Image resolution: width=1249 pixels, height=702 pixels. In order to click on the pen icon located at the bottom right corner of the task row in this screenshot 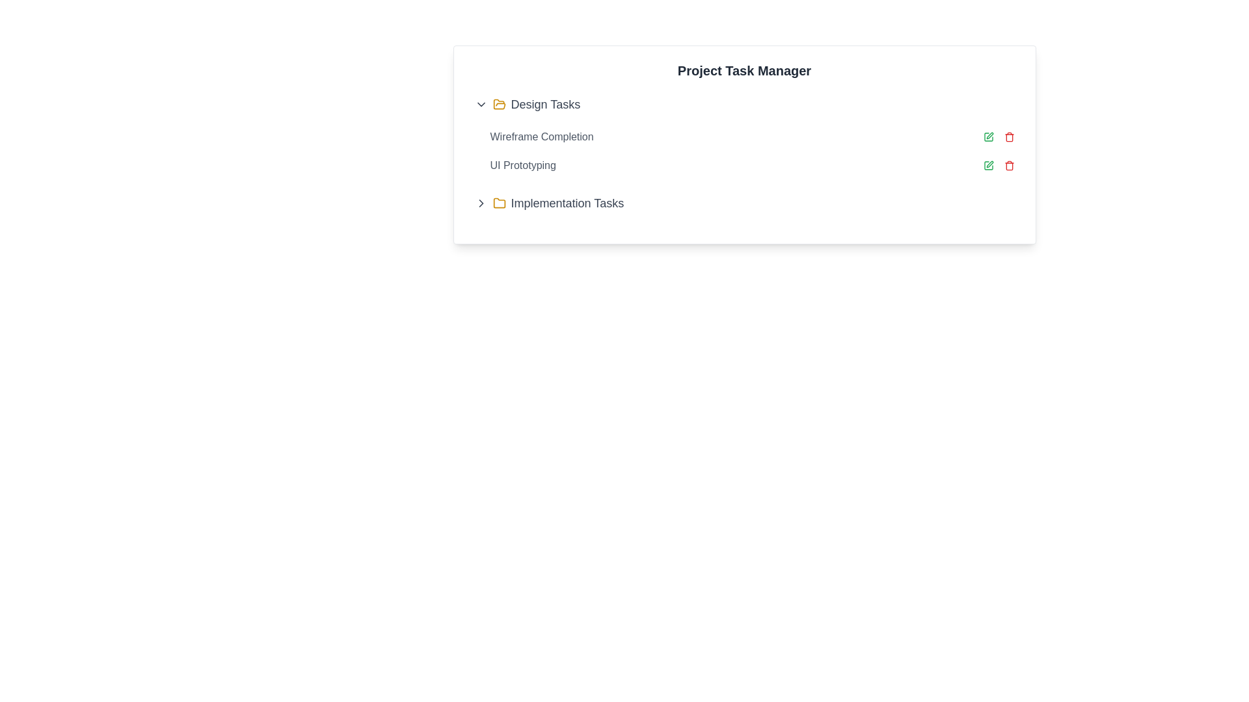, I will do `click(989, 164)`.